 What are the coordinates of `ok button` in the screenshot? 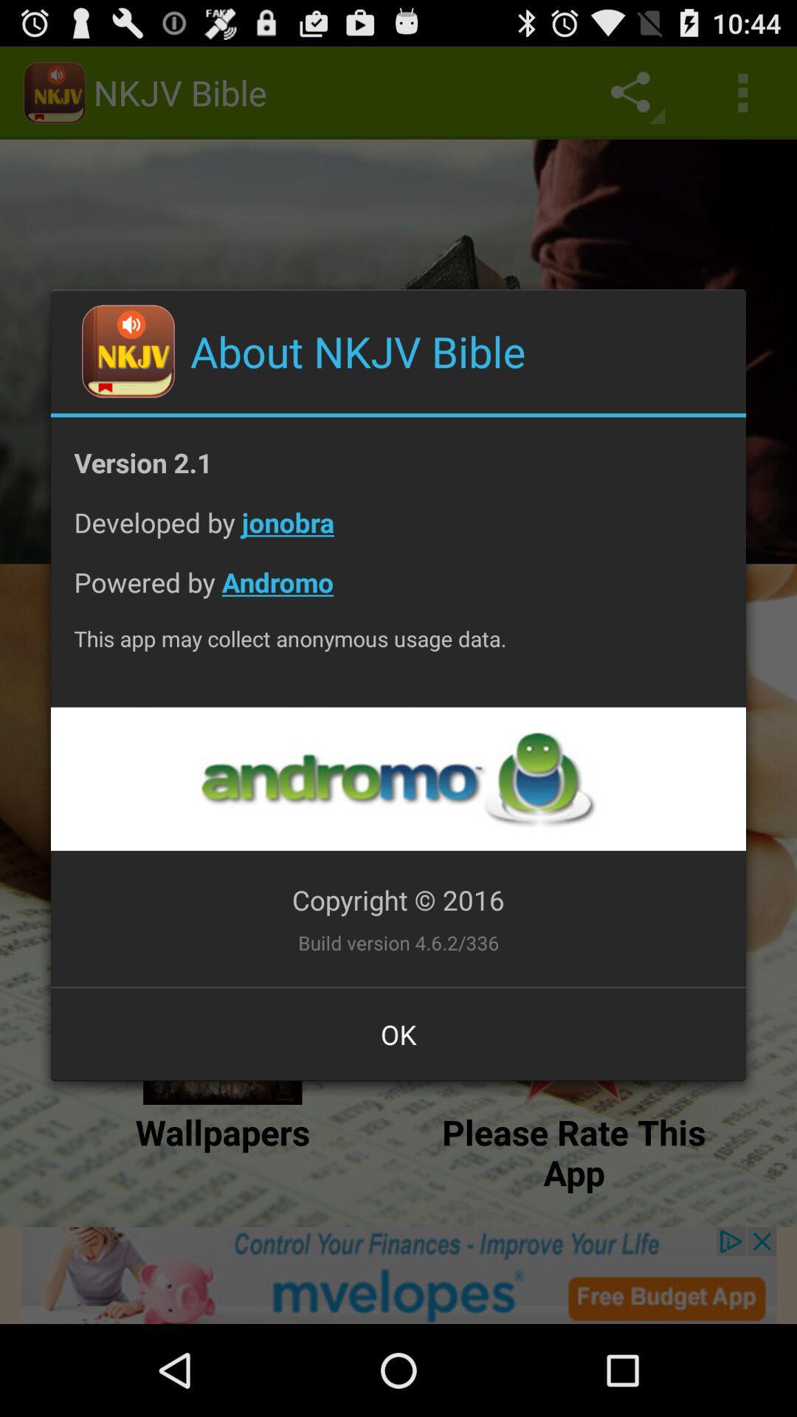 It's located at (398, 1033).